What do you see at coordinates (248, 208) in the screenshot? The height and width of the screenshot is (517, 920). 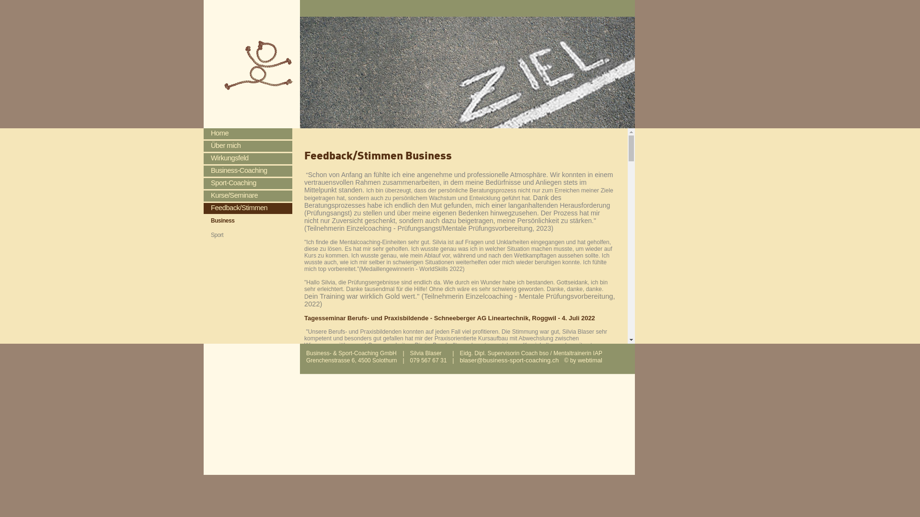 I see `'Feedback/Stimmen'` at bounding box center [248, 208].